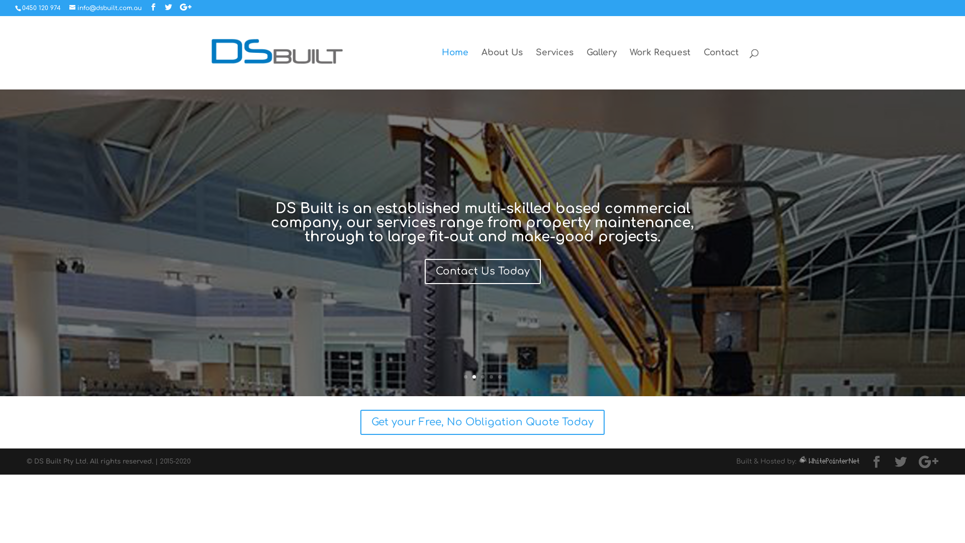 The width and height of the screenshot is (965, 543). What do you see at coordinates (502, 69) in the screenshot?
I see `'About Us'` at bounding box center [502, 69].